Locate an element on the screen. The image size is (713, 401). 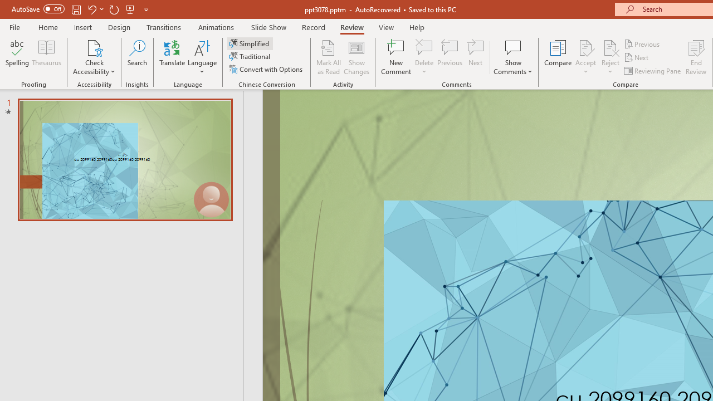
'End Review' is located at coordinates (695, 57).